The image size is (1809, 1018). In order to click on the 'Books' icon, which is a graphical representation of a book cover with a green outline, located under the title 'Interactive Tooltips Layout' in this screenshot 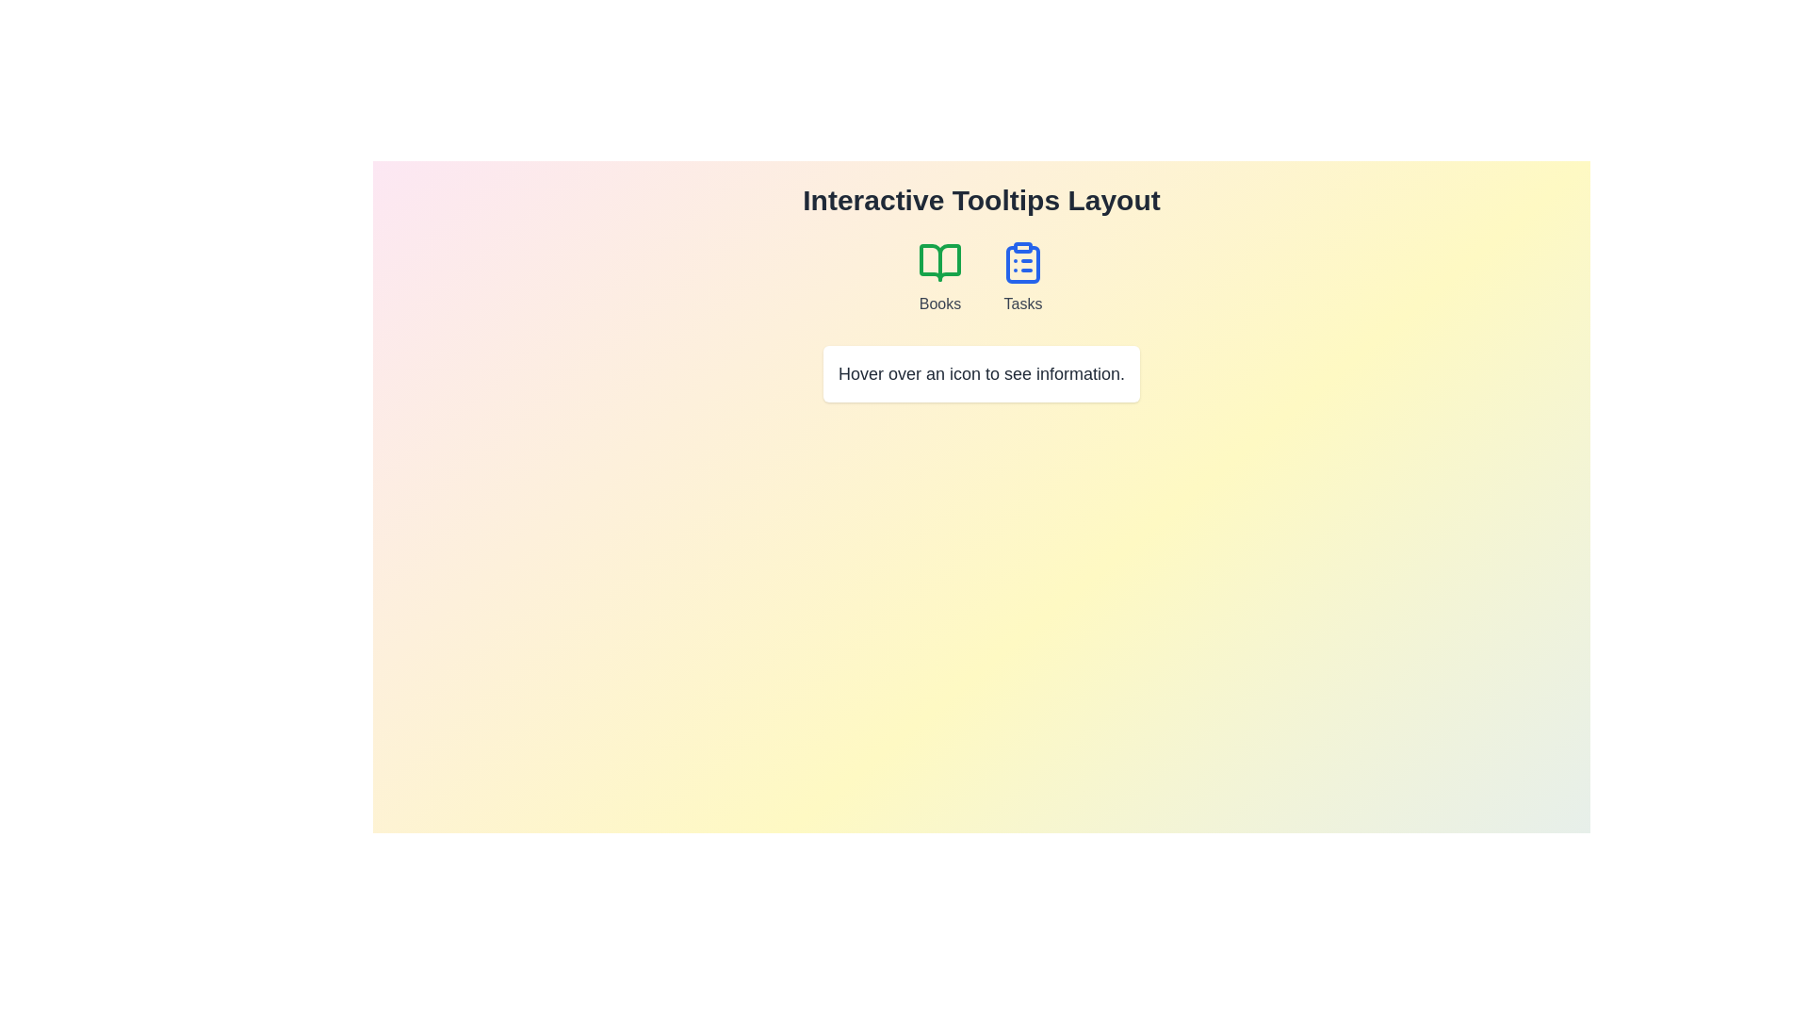, I will do `click(940, 262)`.